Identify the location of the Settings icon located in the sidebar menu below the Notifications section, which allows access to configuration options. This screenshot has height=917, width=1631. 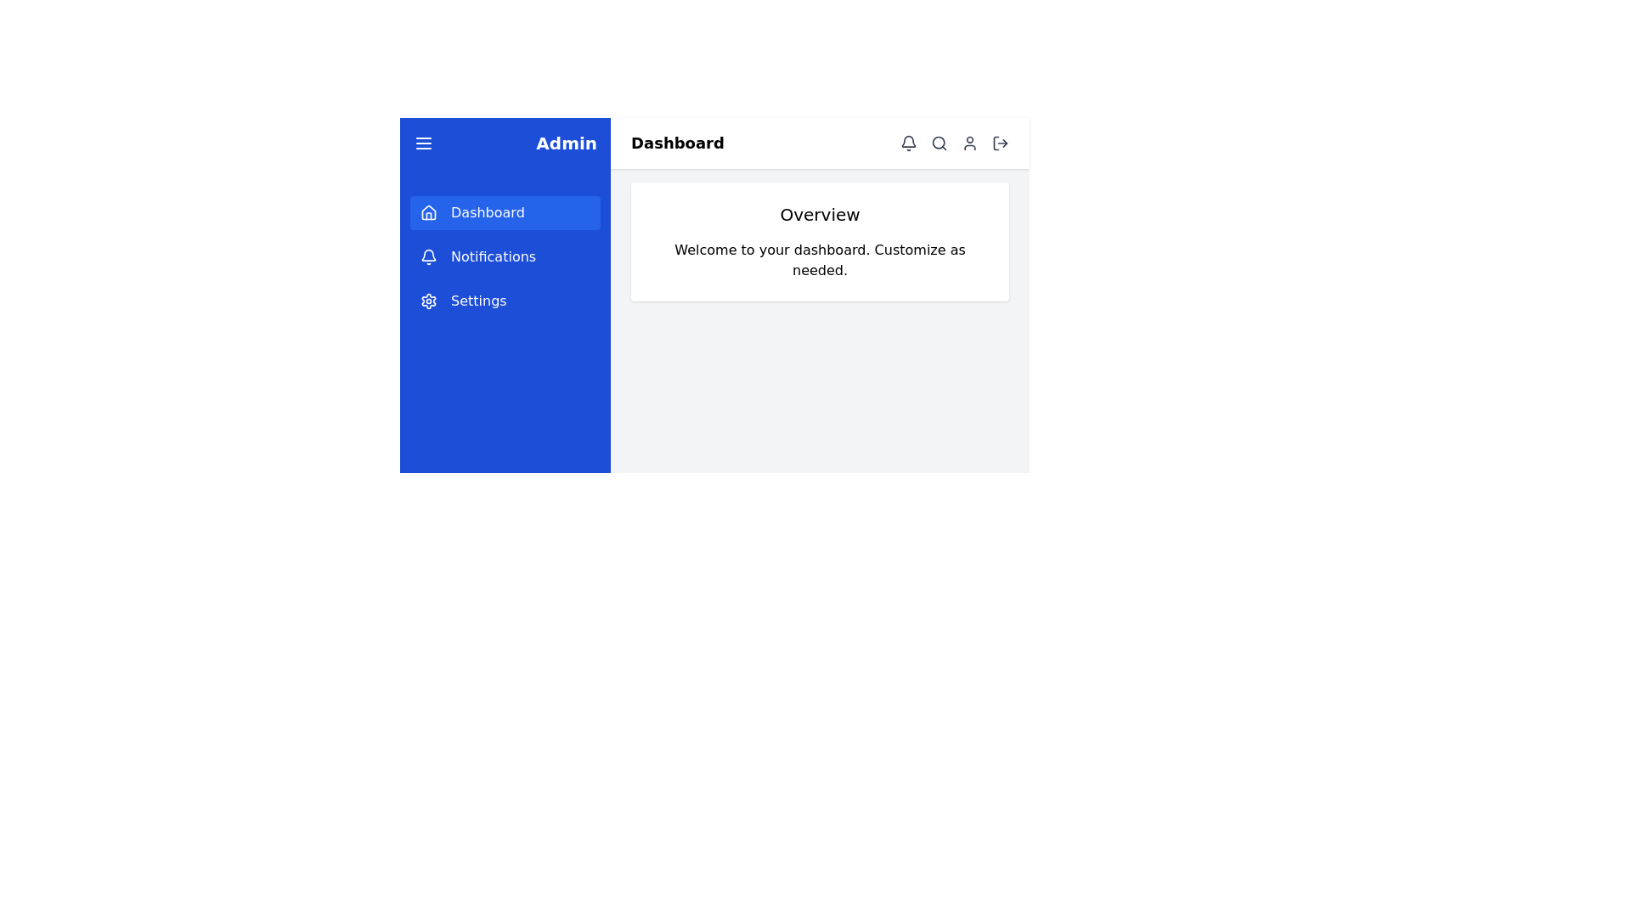
(428, 300).